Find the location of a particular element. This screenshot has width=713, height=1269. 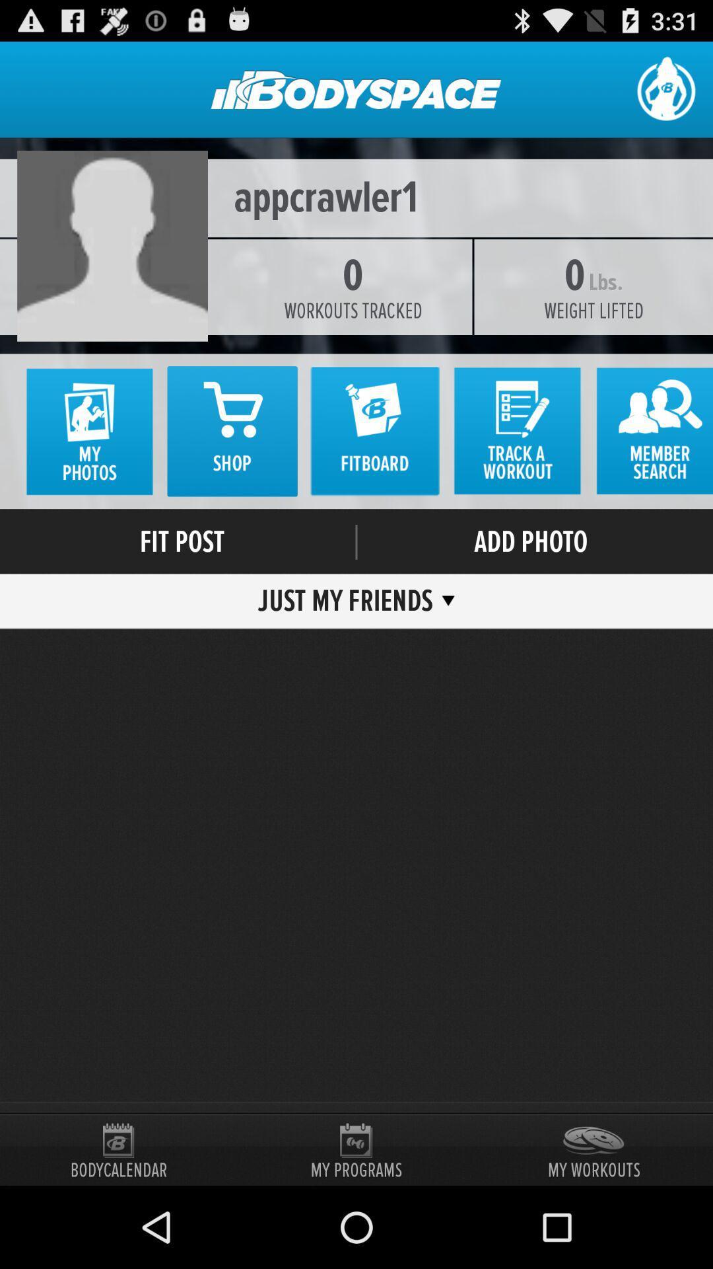

item below lbs. item is located at coordinates (593, 310).